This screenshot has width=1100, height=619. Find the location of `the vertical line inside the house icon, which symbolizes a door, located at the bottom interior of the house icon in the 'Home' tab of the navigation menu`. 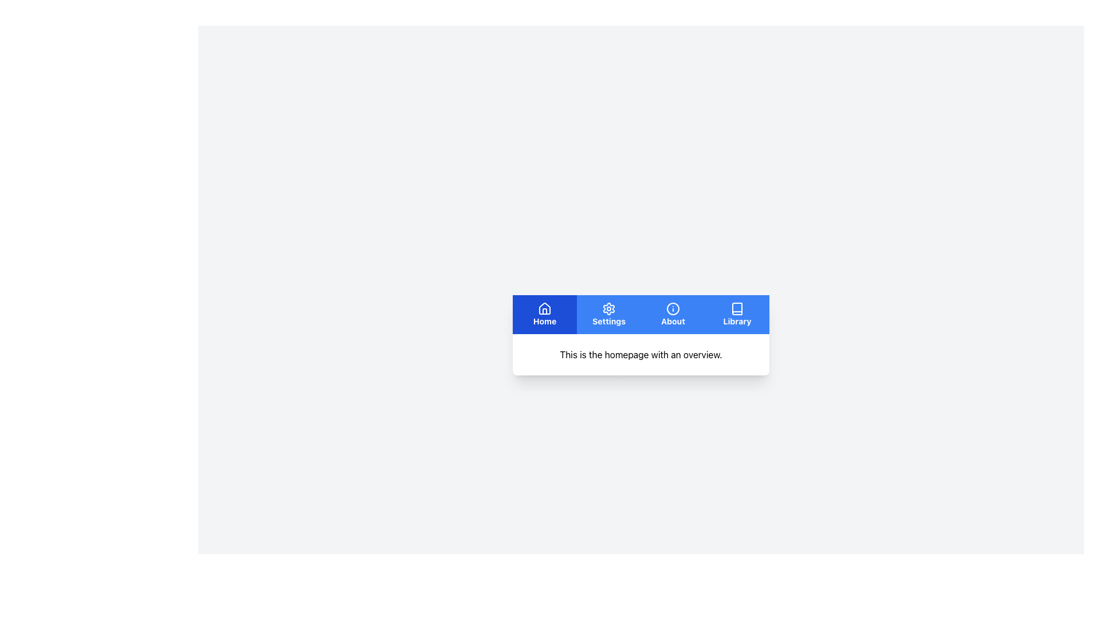

the vertical line inside the house icon, which symbolizes a door, located at the bottom interior of the house icon in the 'Home' tab of the navigation menu is located at coordinates (544, 311).